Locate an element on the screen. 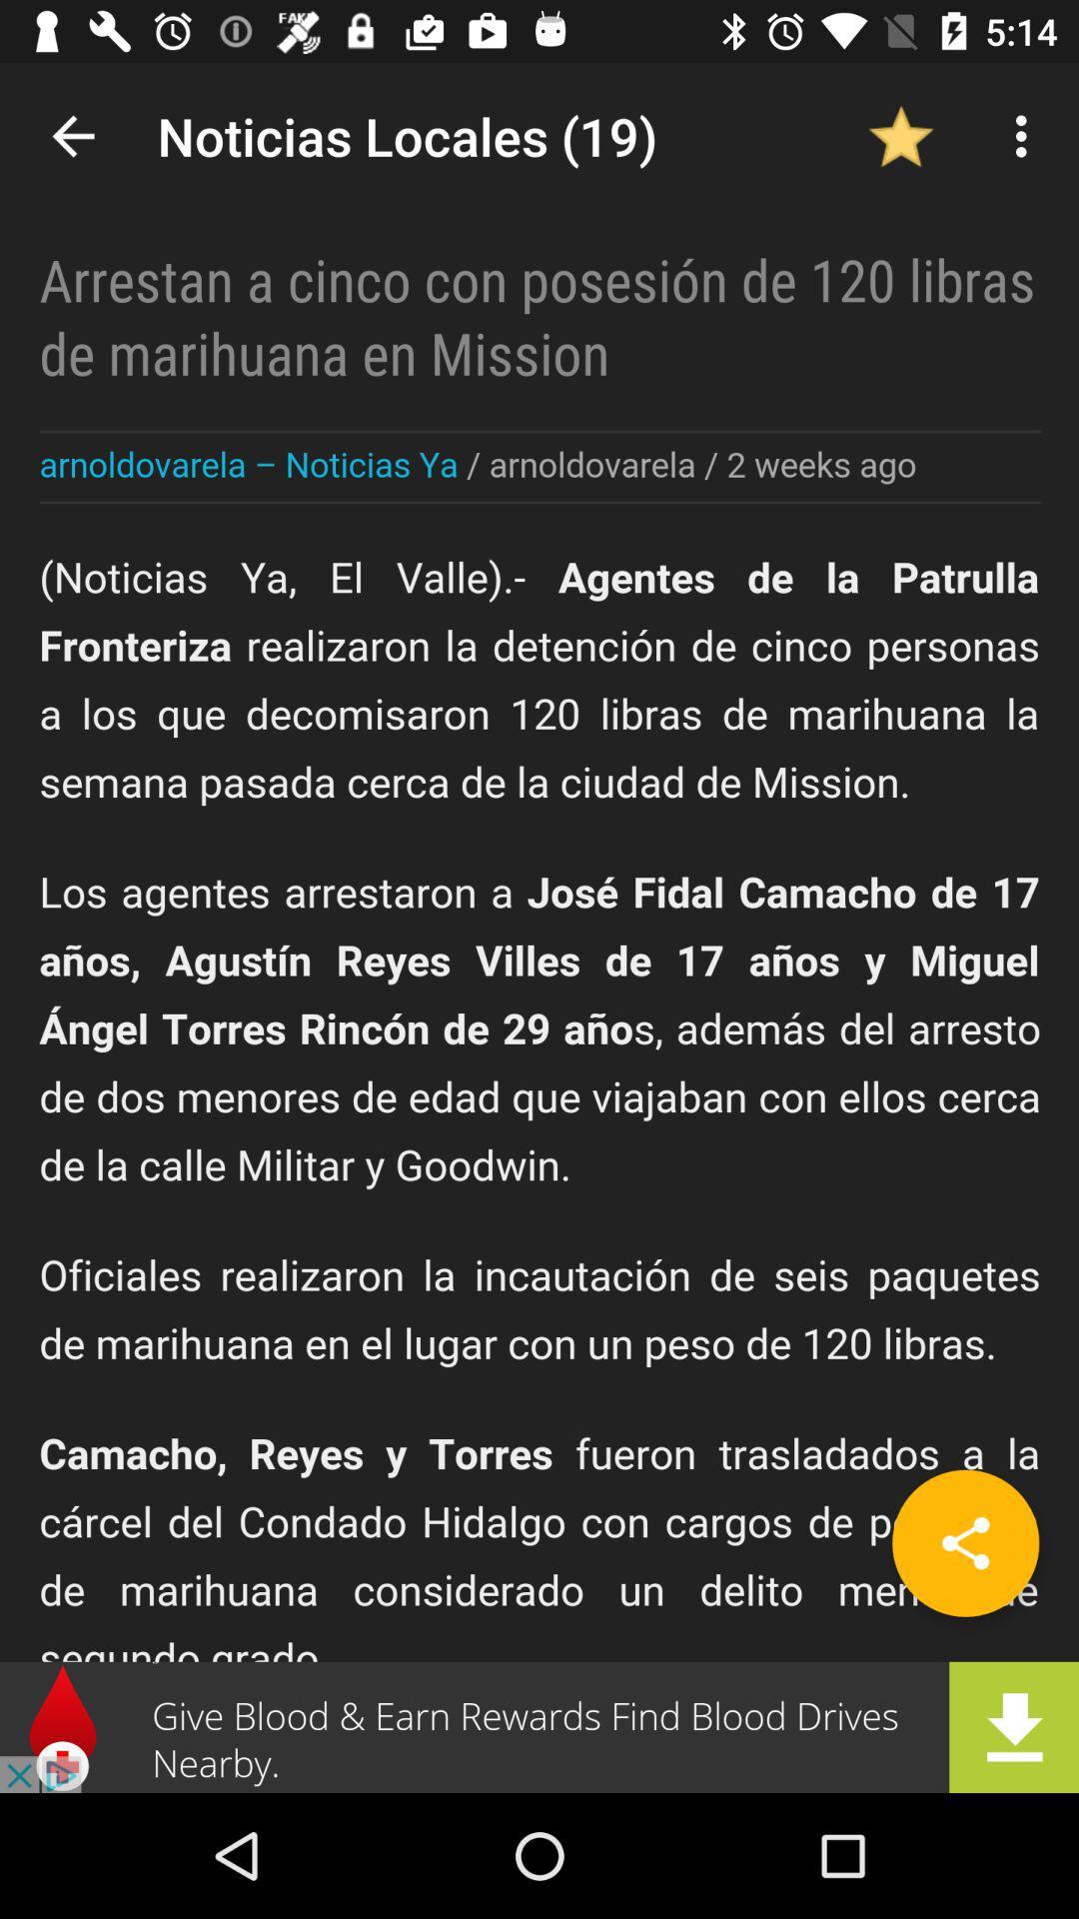  gives list of blood drives in area is located at coordinates (539, 1726).